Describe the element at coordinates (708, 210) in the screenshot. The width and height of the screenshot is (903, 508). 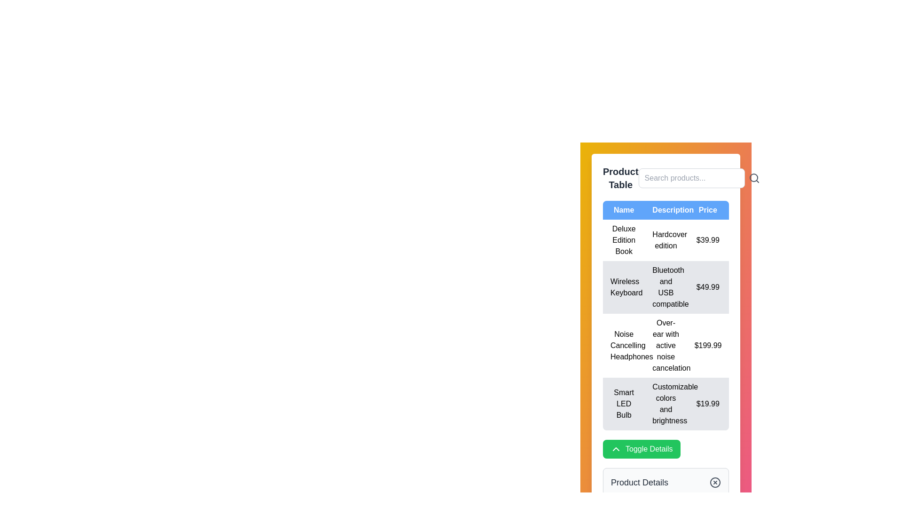
I see `the 'Price' column header in the table, which is the third column header aligned horizontally with 'Name' and 'Description'` at that location.